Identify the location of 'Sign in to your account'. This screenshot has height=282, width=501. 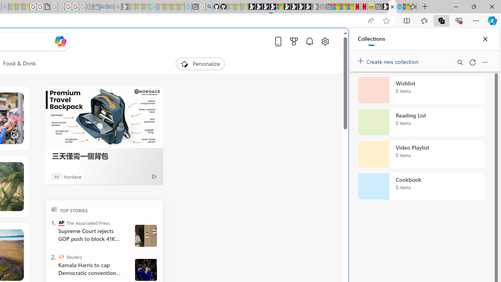
(279, 7).